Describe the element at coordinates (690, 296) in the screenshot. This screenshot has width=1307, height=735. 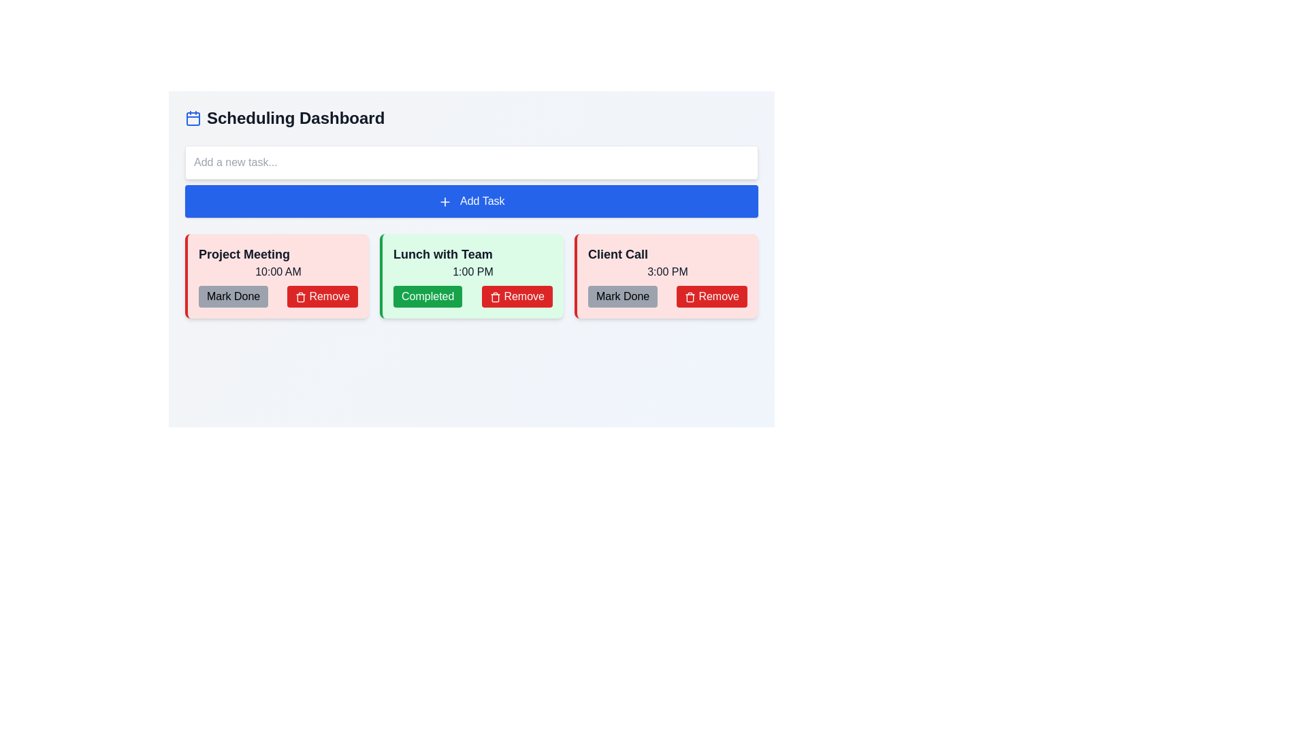
I see `the 'Remove' icon associated with the 'Lunch with Team' card in the central column of the dashboard` at that location.